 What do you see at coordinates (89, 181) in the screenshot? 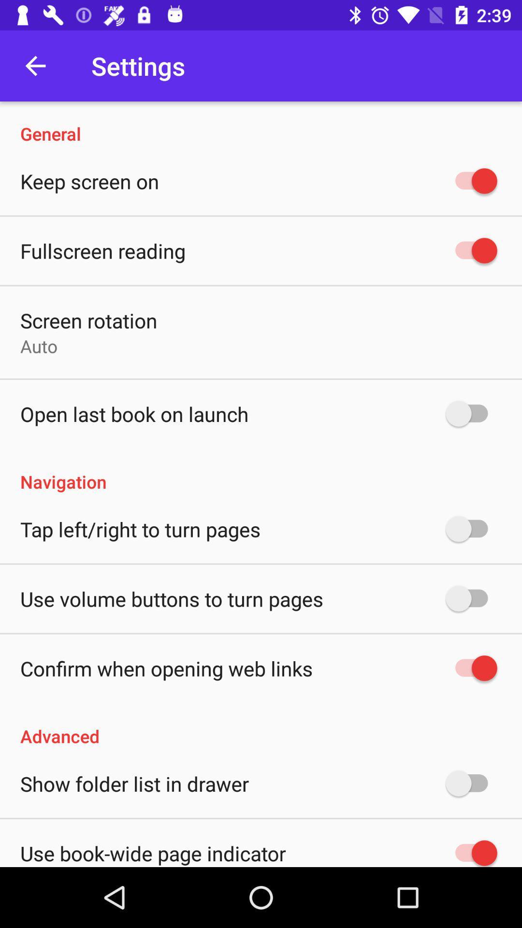
I see `the keep screen on` at bounding box center [89, 181].